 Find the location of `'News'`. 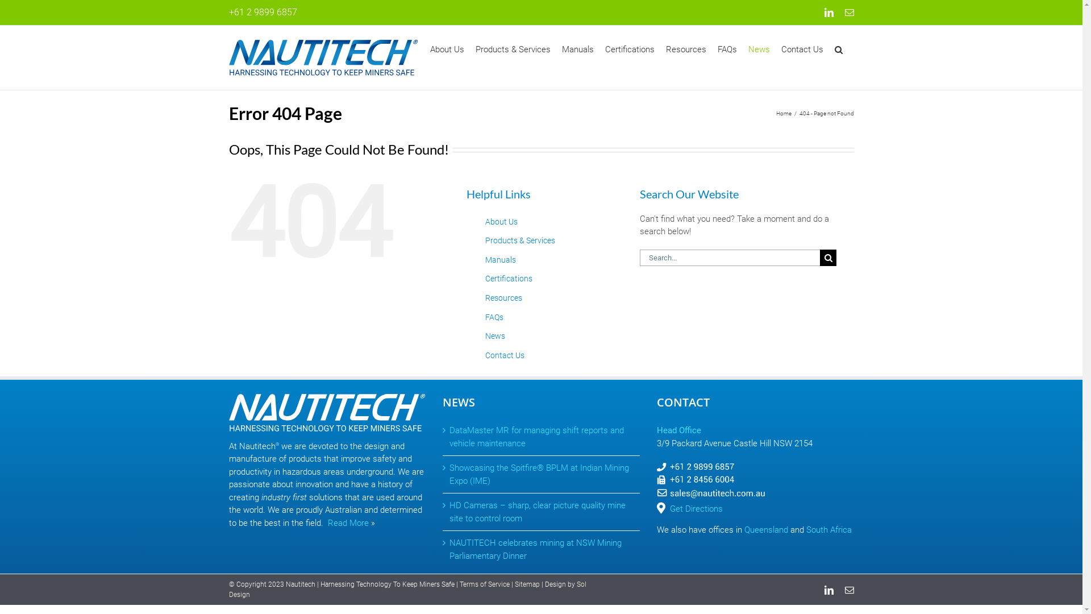

'News' is located at coordinates (495, 335).